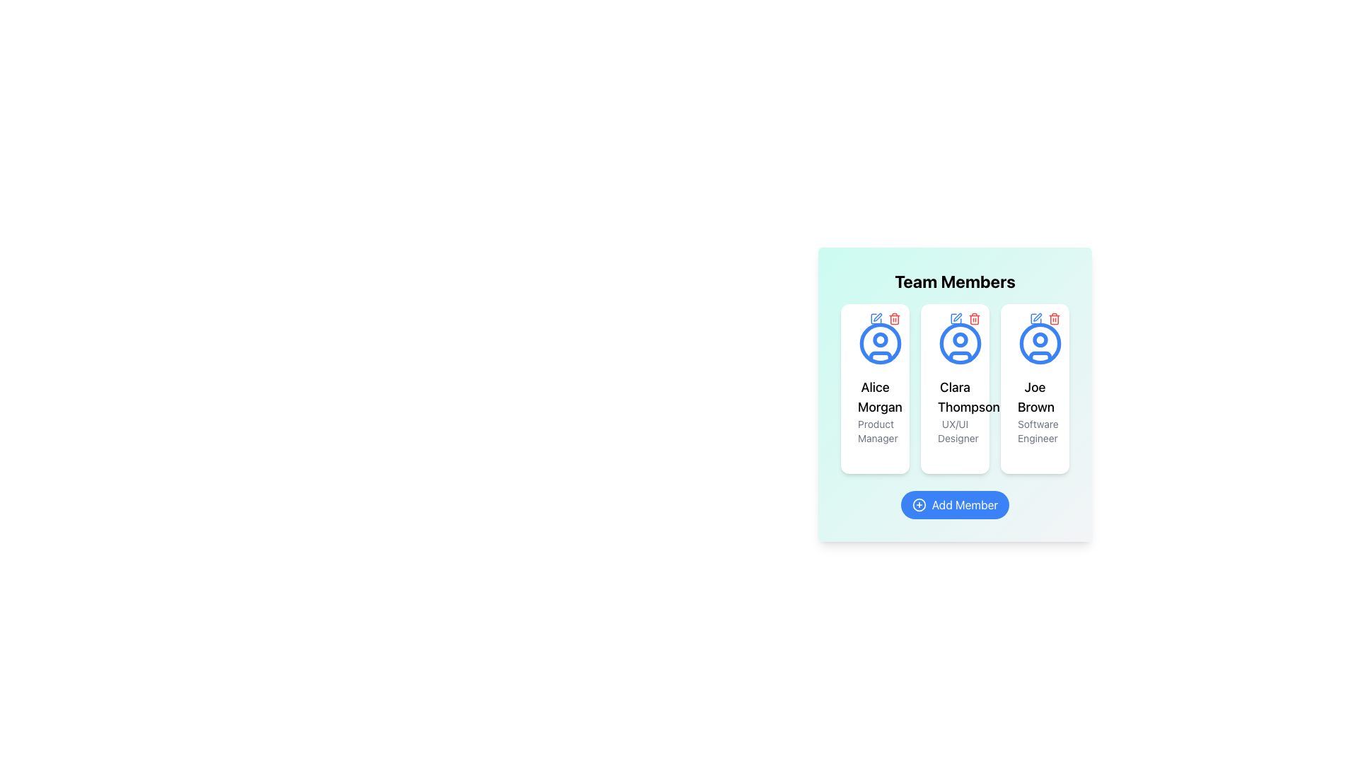  Describe the element at coordinates (973, 319) in the screenshot. I see `the delete button located at the top-right corner of the options, which is the third button after a blue icon and trash can icons, to observe the color change` at that location.